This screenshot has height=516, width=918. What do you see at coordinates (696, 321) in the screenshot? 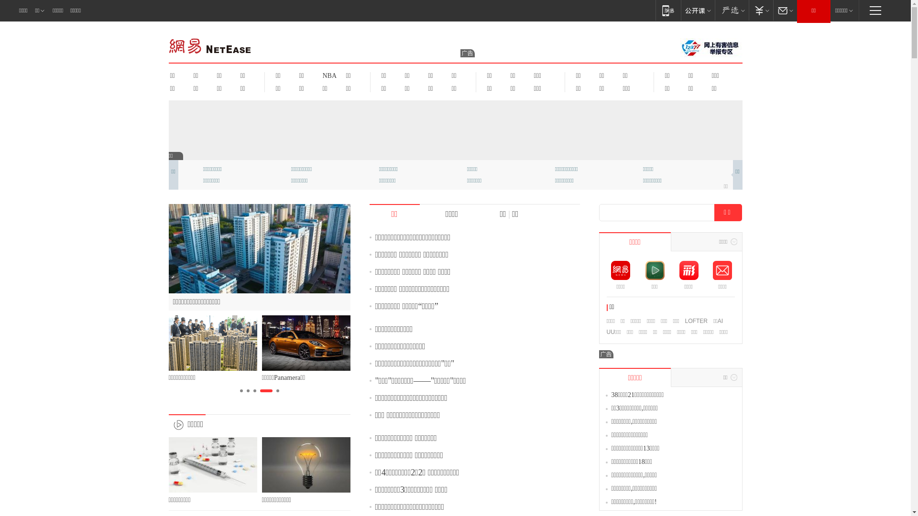
I see `'LOFTER'` at bounding box center [696, 321].